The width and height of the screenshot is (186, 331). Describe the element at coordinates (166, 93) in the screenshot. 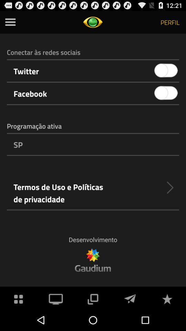

I see `connect to facebook` at that location.